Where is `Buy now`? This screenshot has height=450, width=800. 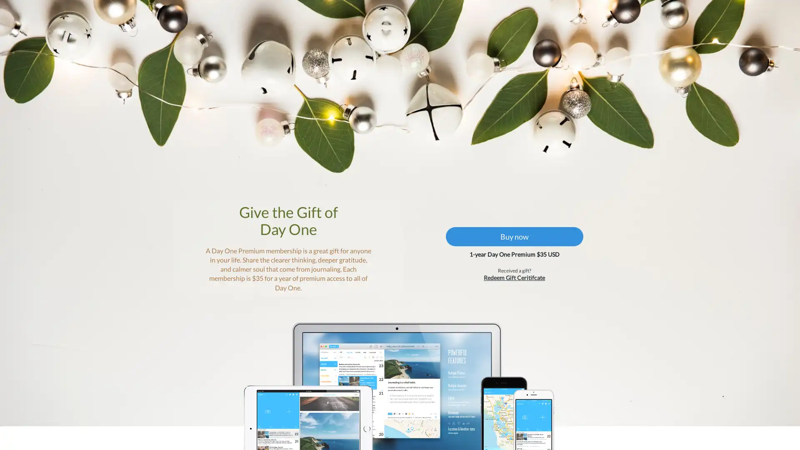 Buy now is located at coordinates (506, 260).